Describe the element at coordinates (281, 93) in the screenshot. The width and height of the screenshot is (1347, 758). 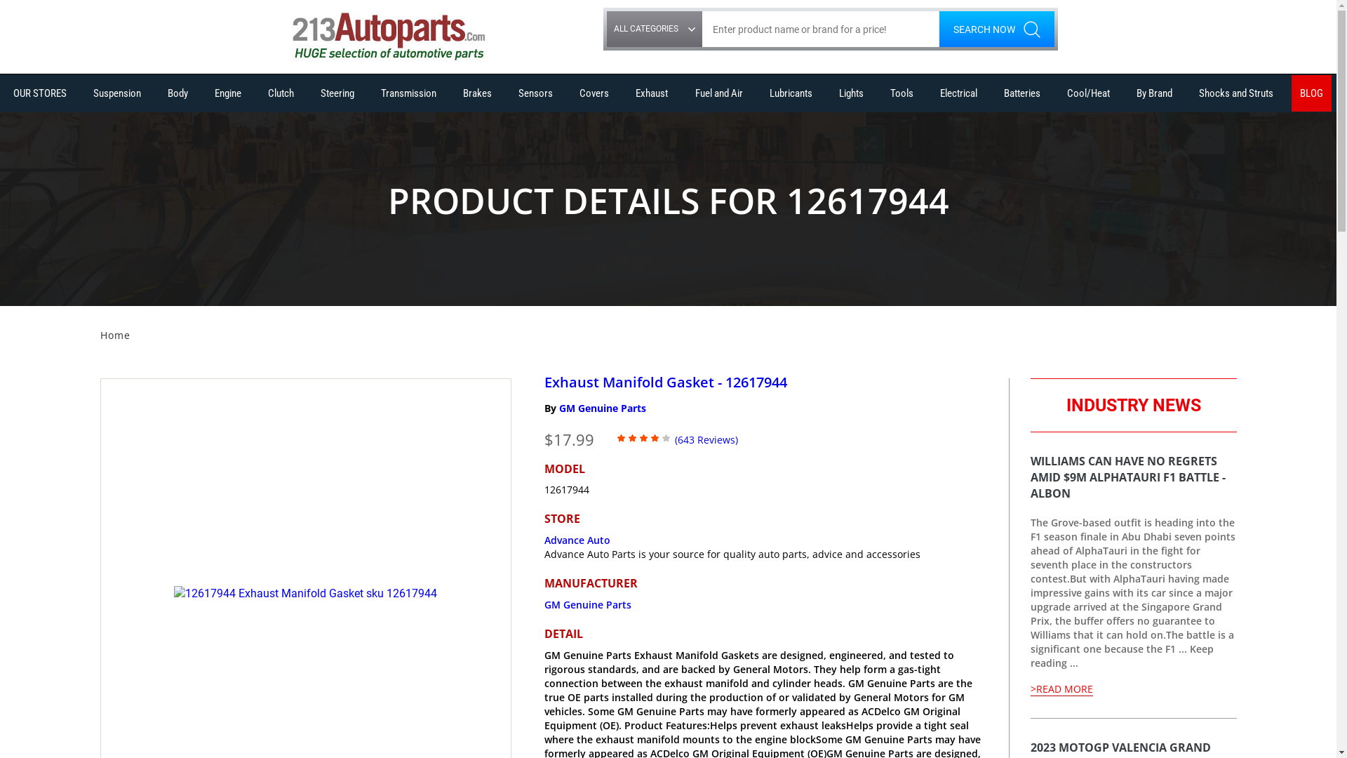
I see `'Clutch'` at that location.